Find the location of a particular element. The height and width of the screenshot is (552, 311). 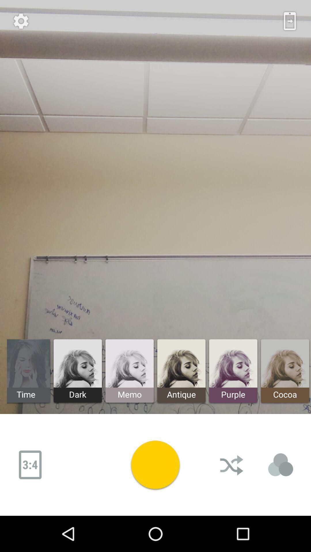

open settings is located at coordinates (21, 21).